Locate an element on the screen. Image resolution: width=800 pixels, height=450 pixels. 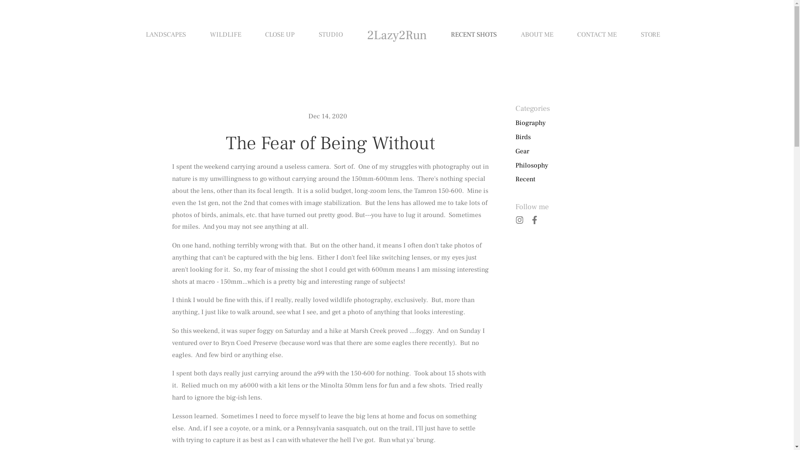
'CLOSE UP' is located at coordinates (280, 35).